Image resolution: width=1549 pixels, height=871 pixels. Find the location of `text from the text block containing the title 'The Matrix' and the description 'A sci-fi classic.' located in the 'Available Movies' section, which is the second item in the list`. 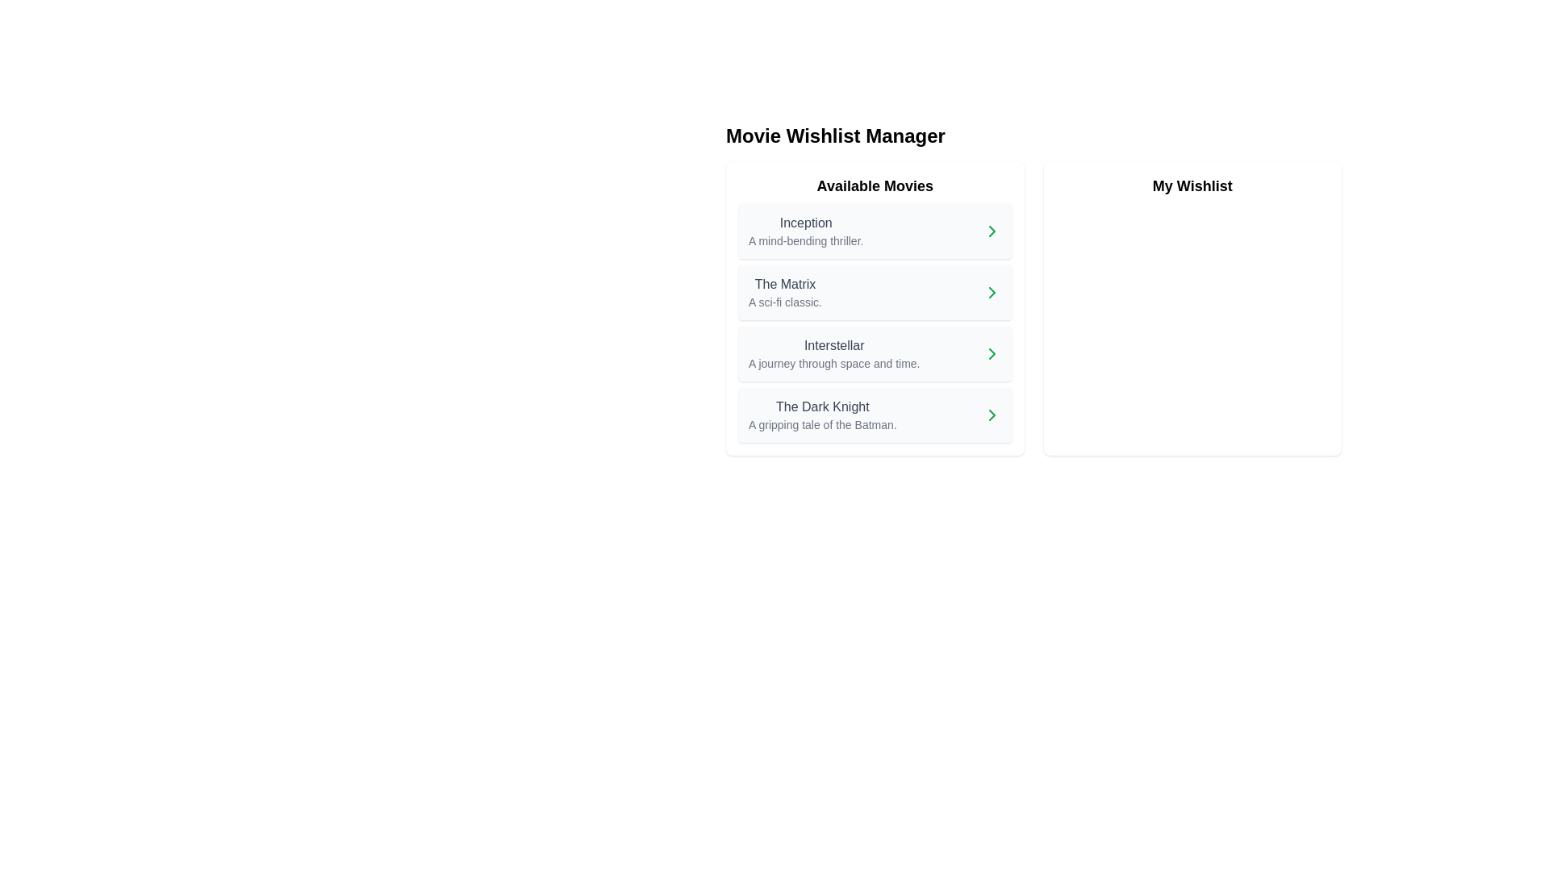

text from the text block containing the title 'The Matrix' and the description 'A sci-fi classic.' located in the 'Available Movies' section, which is the second item in the list is located at coordinates (785, 292).